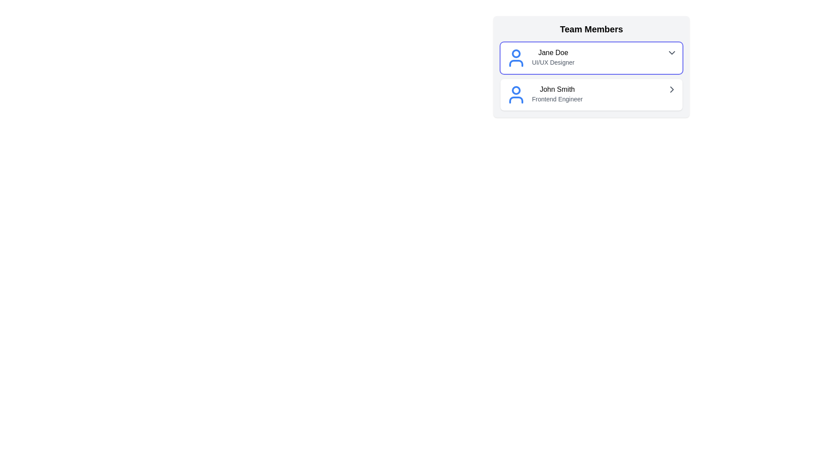 This screenshot has height=472, width=840. I want to click on the head section of the user profile illustration icon, which visually represents a user or profile entity, located adjacent to the left of the text 'Jane Doe', so click(516, 54).